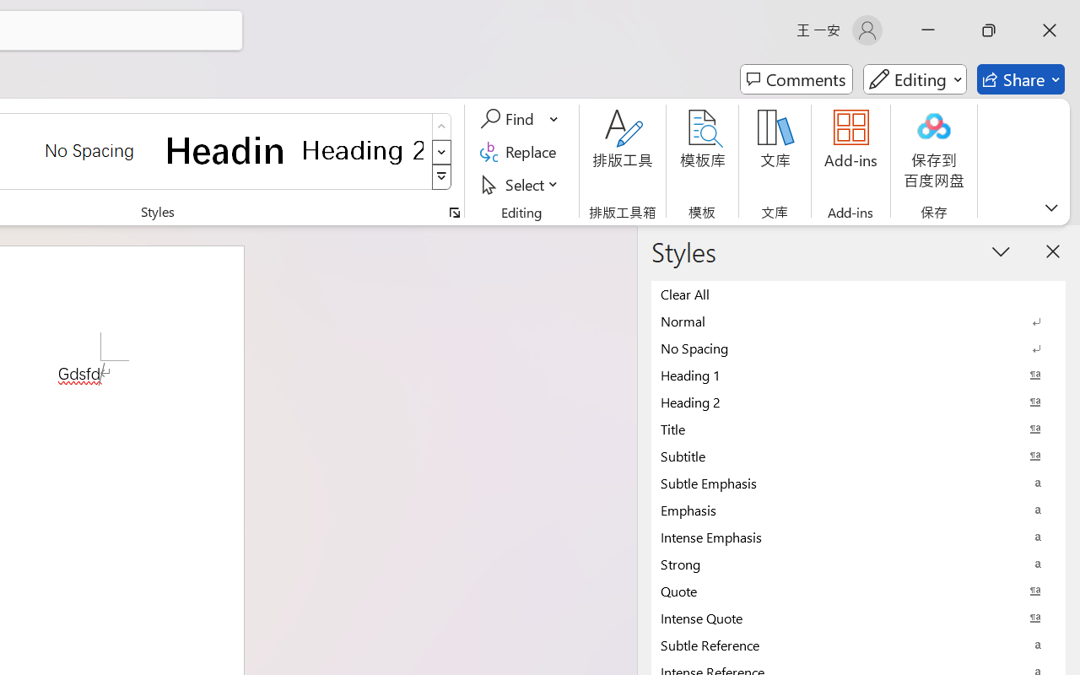 This screenshot has height=675, width=1080. I want to click on 'Subtitle', so click(858, 456).